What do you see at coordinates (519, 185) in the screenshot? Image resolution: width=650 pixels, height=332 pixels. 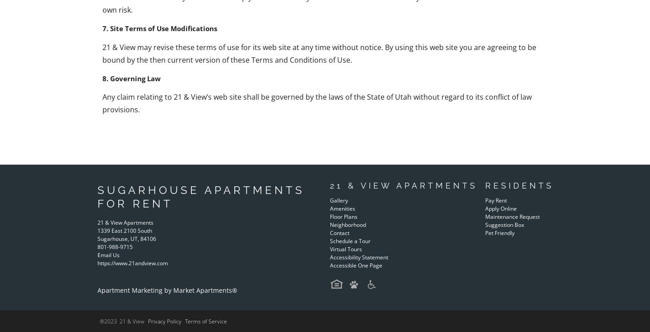 I see `'Residents'` at bounding box center [519, 185].